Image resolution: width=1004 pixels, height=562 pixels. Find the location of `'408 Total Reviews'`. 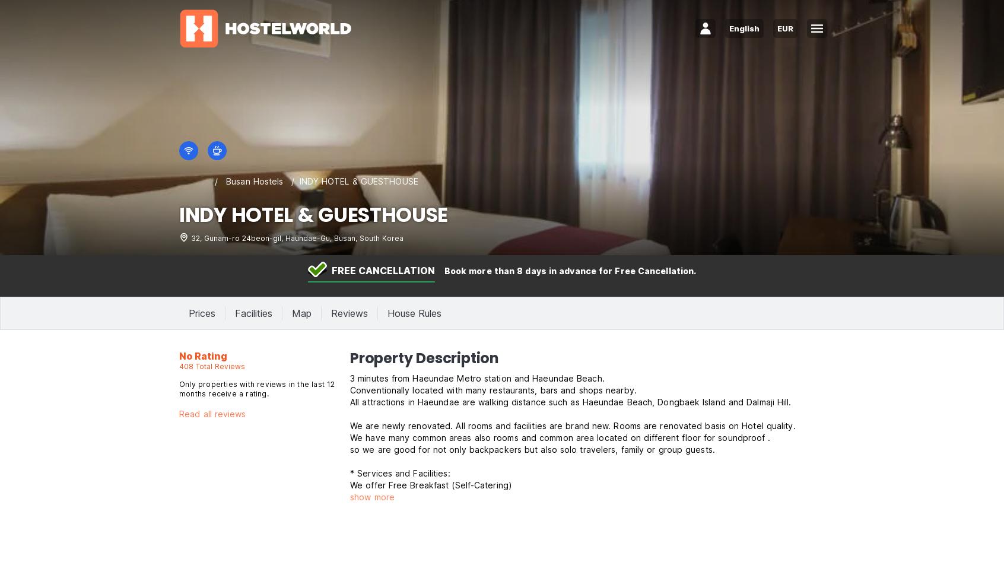

'408 Total Reviews' is located at coordinates (212, 366).